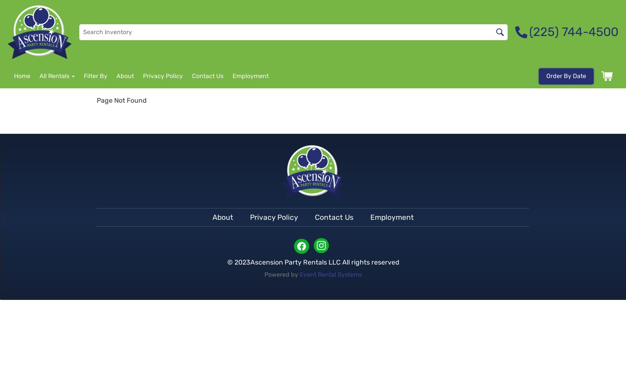  I want to click on 'Powered by', so click(281, 274).